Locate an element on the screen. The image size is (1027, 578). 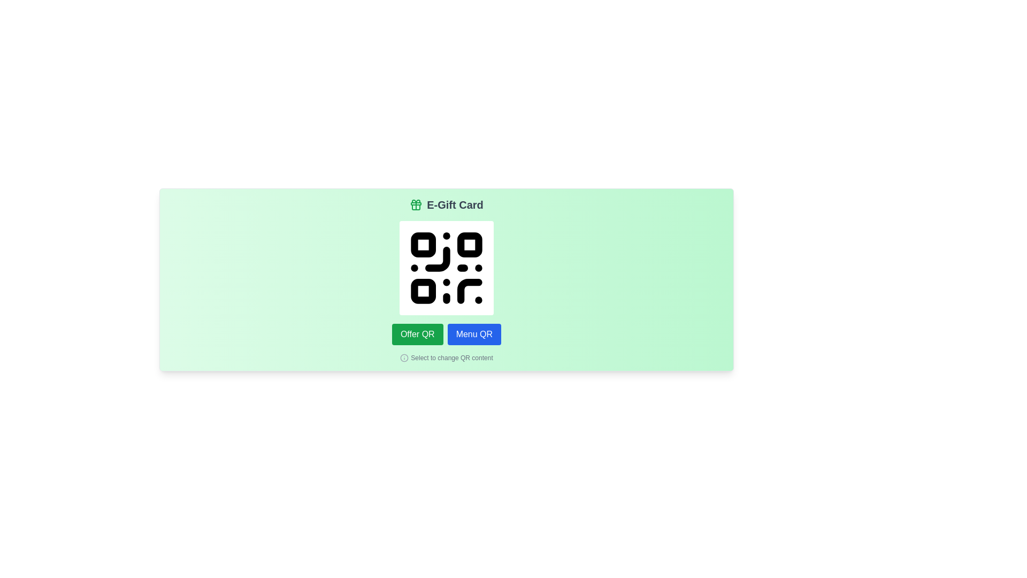
the graphical icon within the QR code, which is positioned slightly left of center and towards the top of the QR code interface is located at coordinates (438, 259).